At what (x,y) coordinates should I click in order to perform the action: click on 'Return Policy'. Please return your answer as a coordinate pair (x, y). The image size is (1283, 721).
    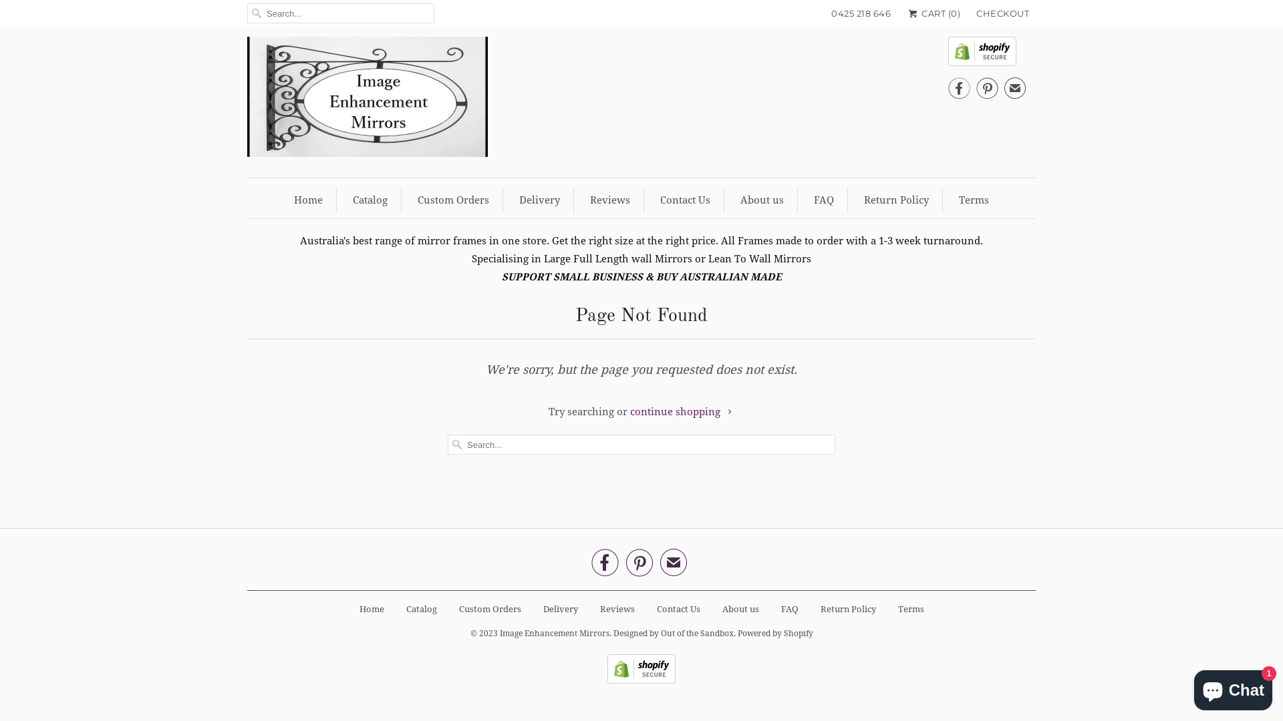
    Looking at the image, I should click on (847, 609).